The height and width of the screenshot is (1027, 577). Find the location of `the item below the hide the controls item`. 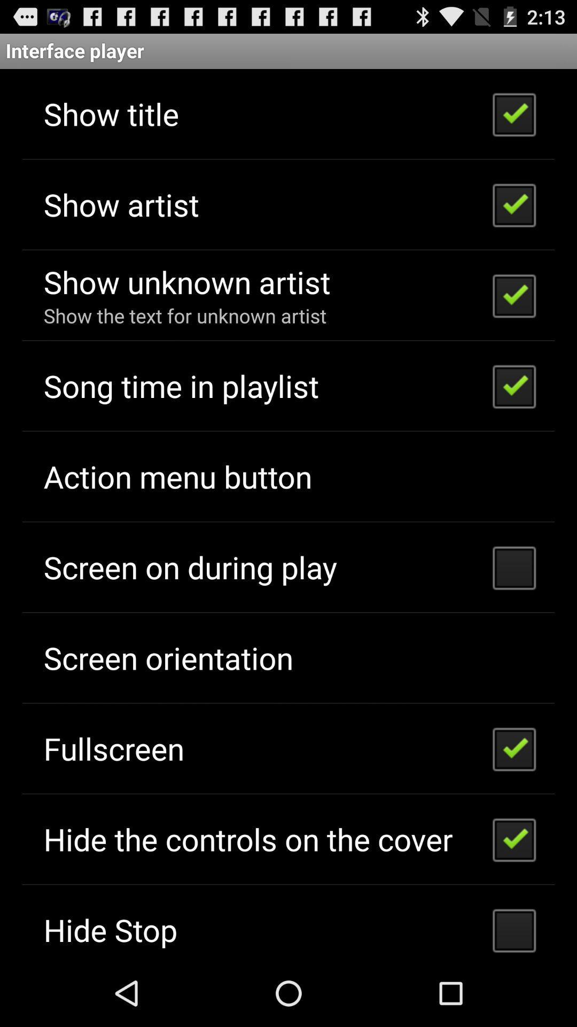

the item below the hide the controls item is located at coordinates (111, 929).